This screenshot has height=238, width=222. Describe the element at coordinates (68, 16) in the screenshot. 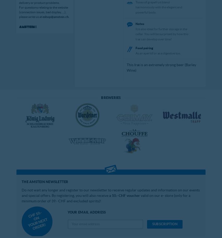

I see `'.'` at that location.